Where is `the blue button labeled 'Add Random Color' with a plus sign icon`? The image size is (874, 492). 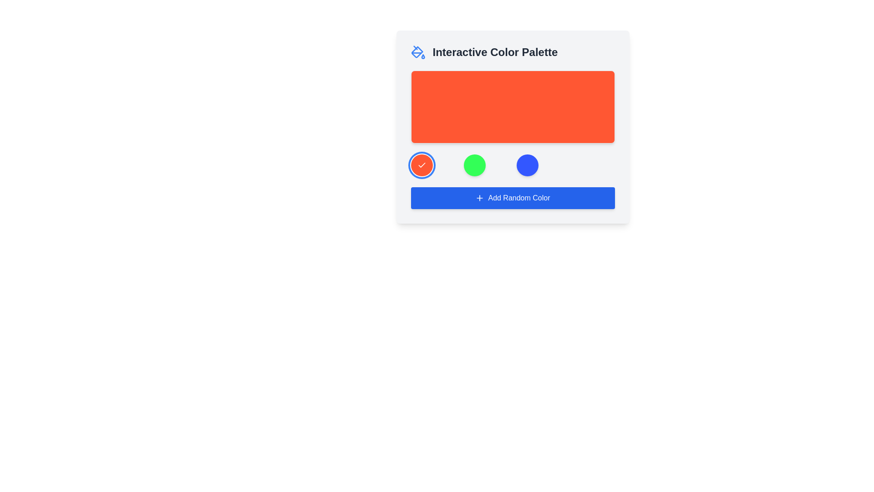
the blue button labeled 'Add Random Color' with a plus sign icon is located at coordinates (513, 198).